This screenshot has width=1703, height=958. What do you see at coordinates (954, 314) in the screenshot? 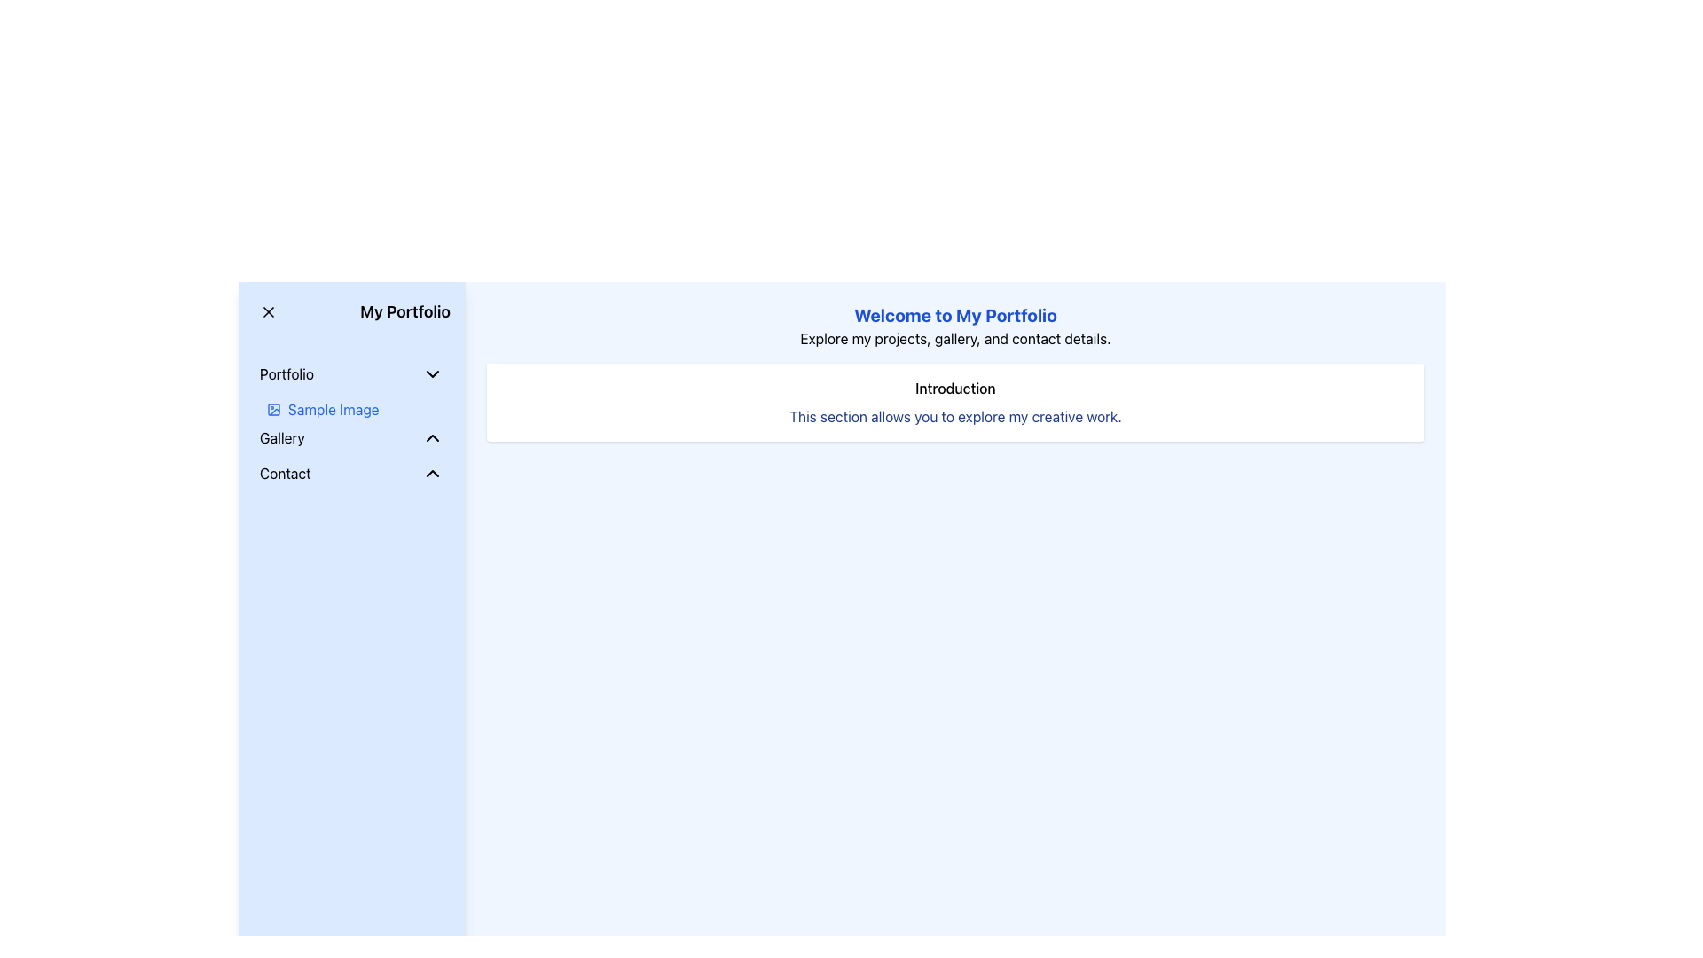
I see `the header text element that serves as a welcoming message for the portfolio webpage, positioned above the text 'Explore my projects, gallery, and contact details.'` at bounding box center [954, 314].